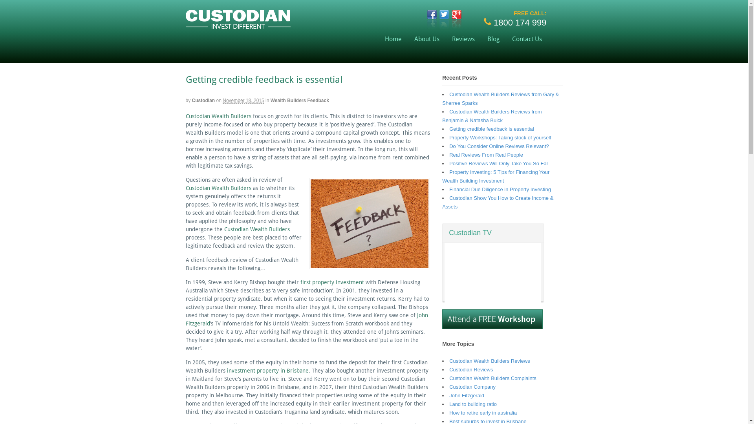 The height and width of the screenshot is (424, 754). What do you see at coordinates (493, 39) in the screenshot?
I see `'Blog'` at bounding box center [493, 39].